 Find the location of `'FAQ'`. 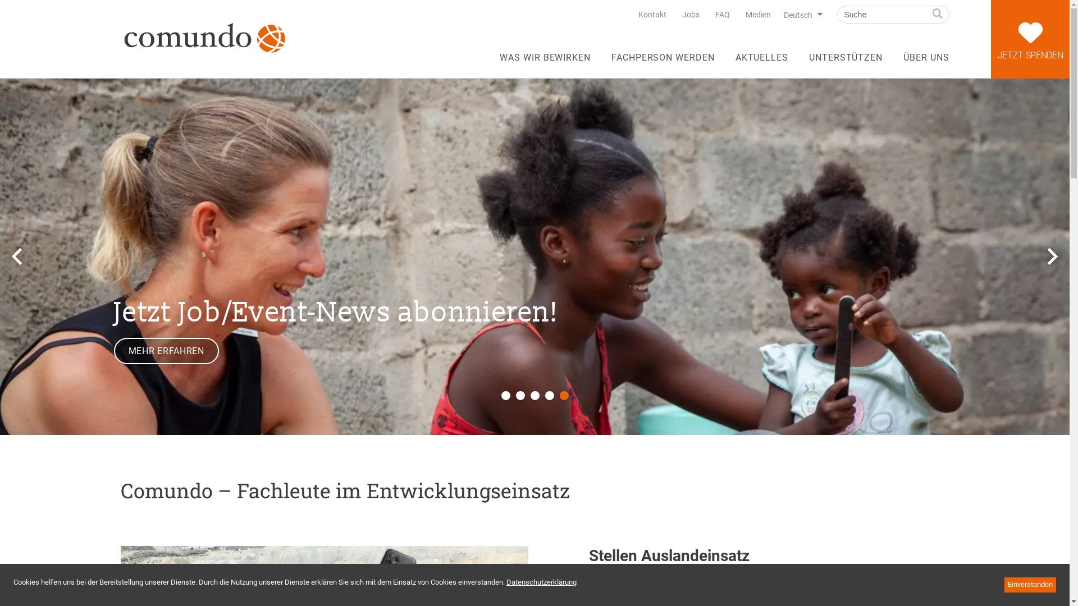

'FAQ' is located at coordinates (722, 15).